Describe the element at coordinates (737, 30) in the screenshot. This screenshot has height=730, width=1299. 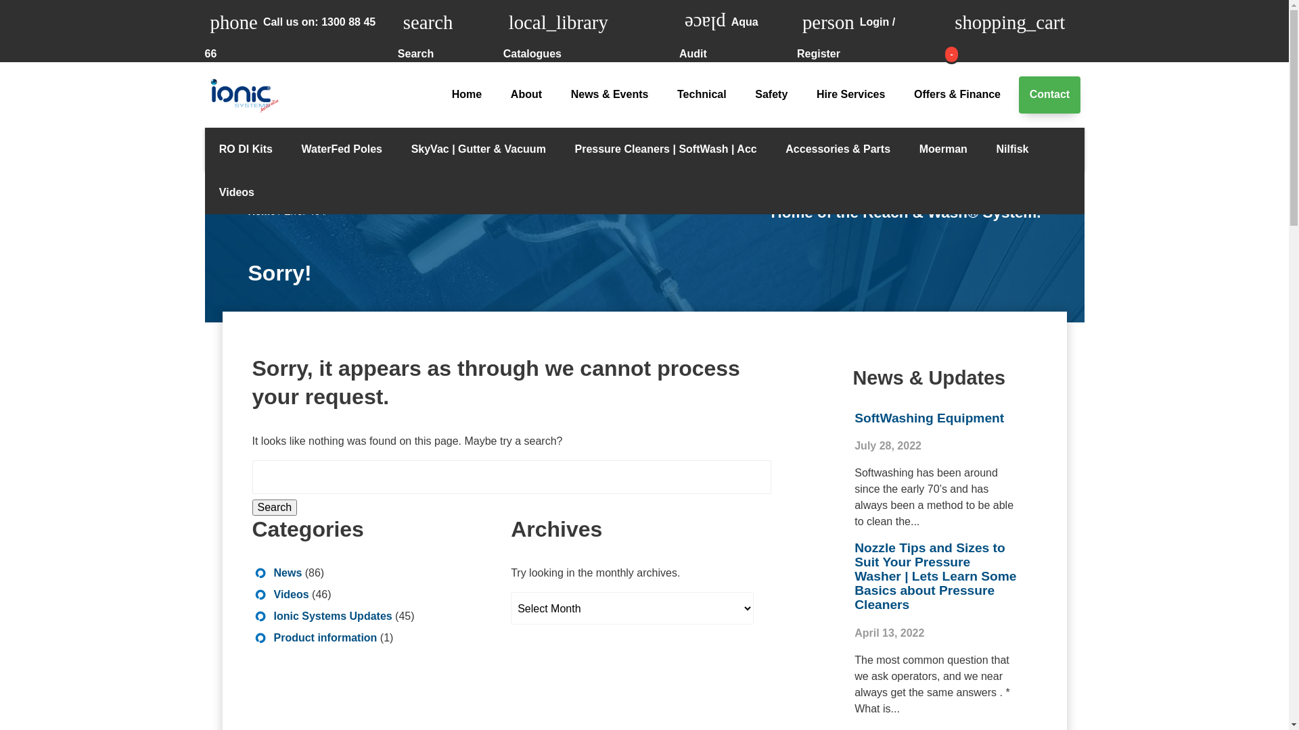
I see `'placeAqua Audit'` at that location.